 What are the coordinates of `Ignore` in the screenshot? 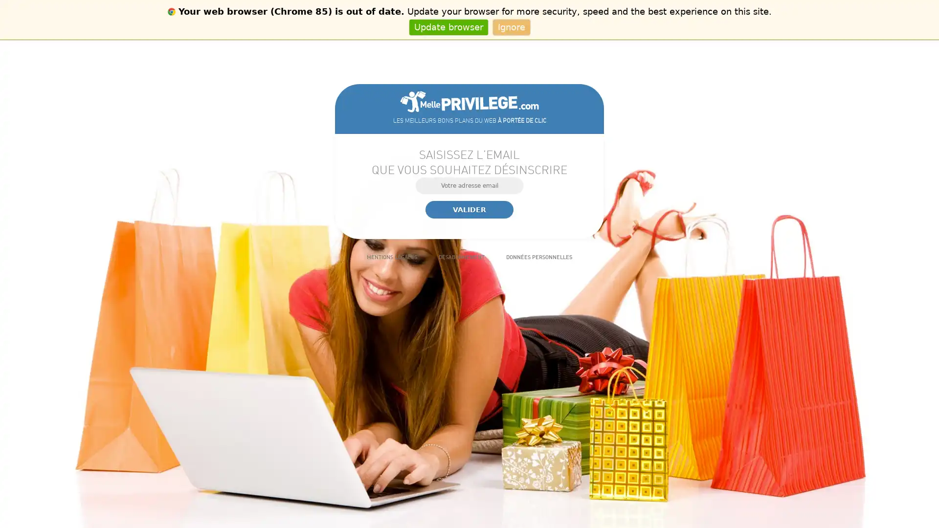 It's located at (511, 26).